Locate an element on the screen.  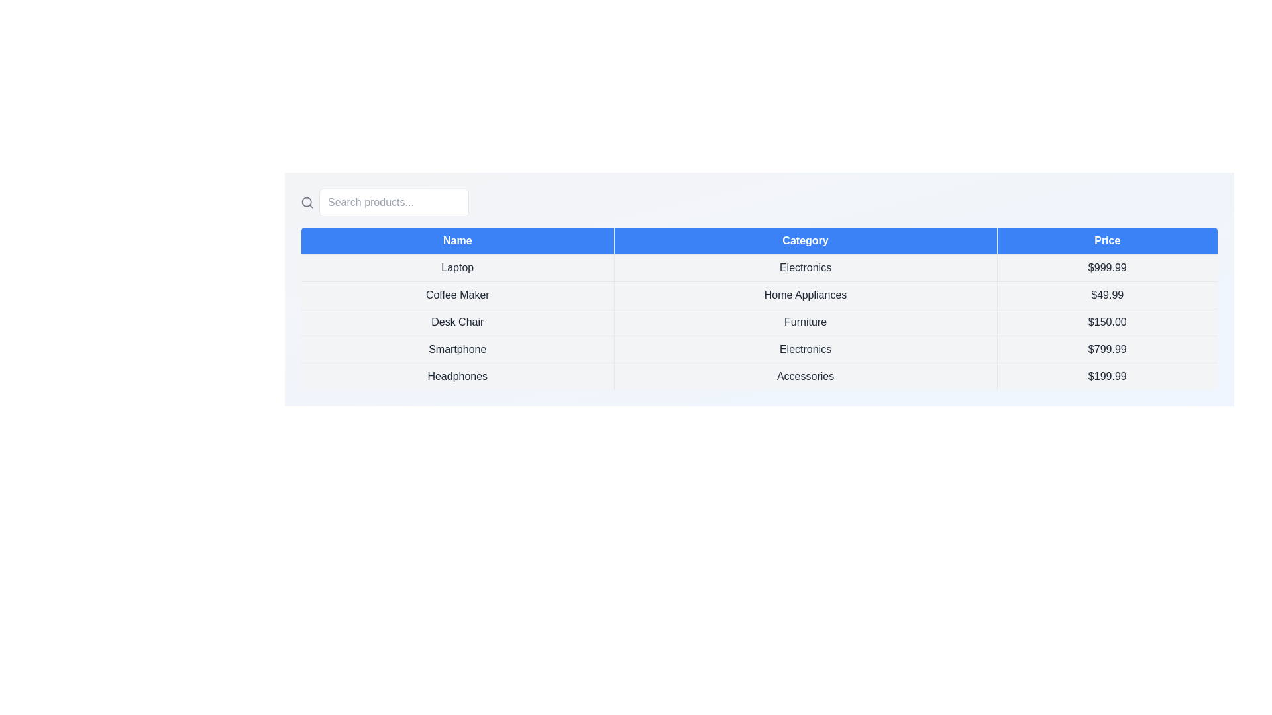
the 'Home Appliances' text label in the 'Category' column of the table, located in the row for 'Coffee Maker' is located at coordinates (805, 295).